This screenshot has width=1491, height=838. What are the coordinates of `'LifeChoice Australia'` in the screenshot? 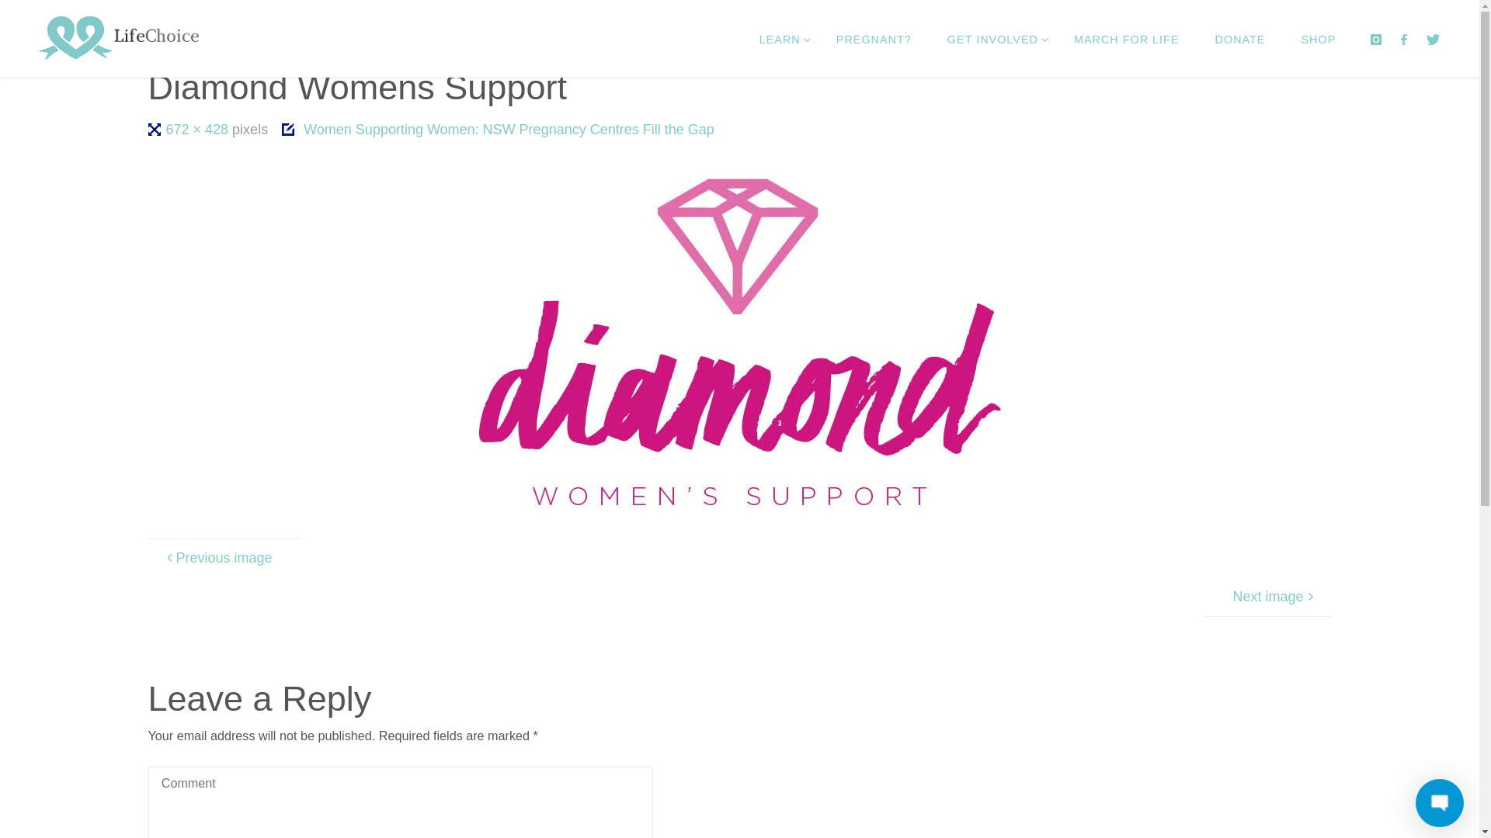 It's located at (118, 38).